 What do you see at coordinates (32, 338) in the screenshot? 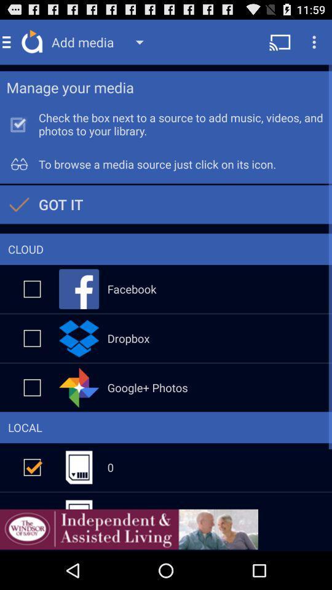
I see `dropbox` at bounding box center [32, 338].